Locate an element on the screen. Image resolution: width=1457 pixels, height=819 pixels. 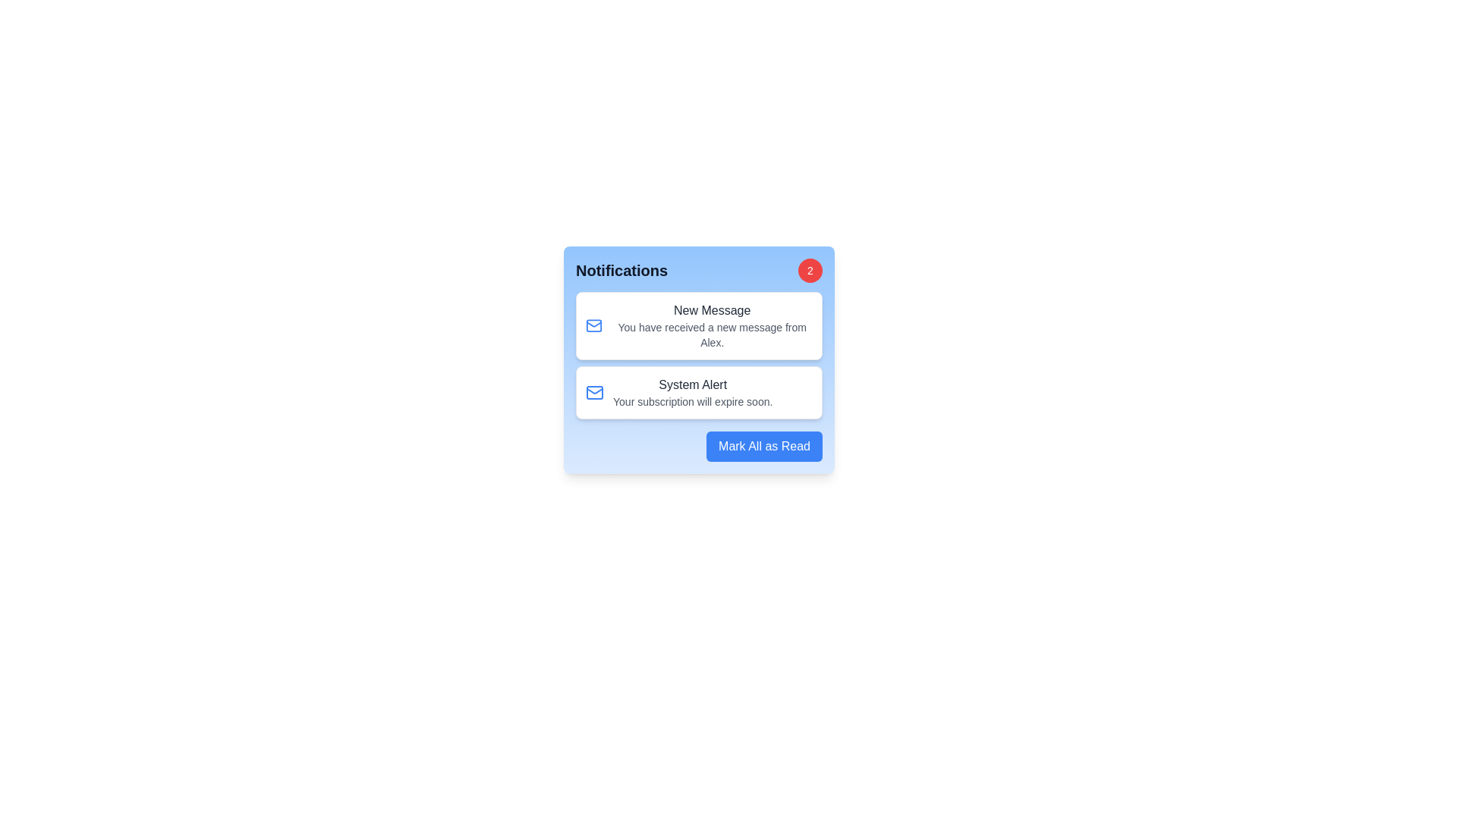
the button located at the bottom-right corner of the notification panel to mark all notifications as read is located at coordinates (764, 446).